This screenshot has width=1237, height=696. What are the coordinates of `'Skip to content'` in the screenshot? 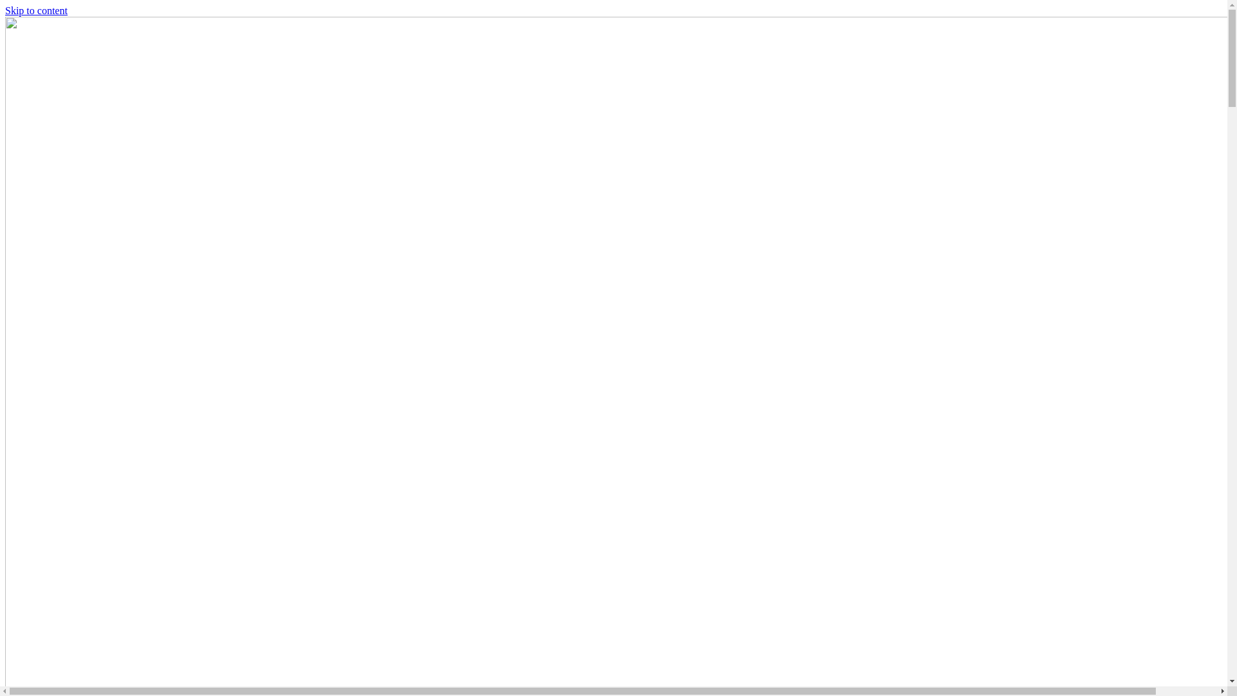 It's located at (5, 10).